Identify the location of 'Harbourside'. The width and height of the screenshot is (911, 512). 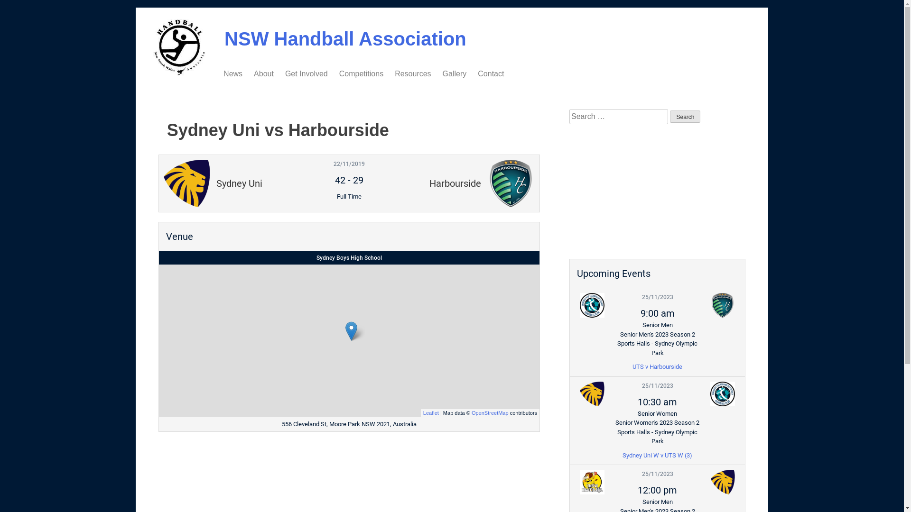
(722, 305).